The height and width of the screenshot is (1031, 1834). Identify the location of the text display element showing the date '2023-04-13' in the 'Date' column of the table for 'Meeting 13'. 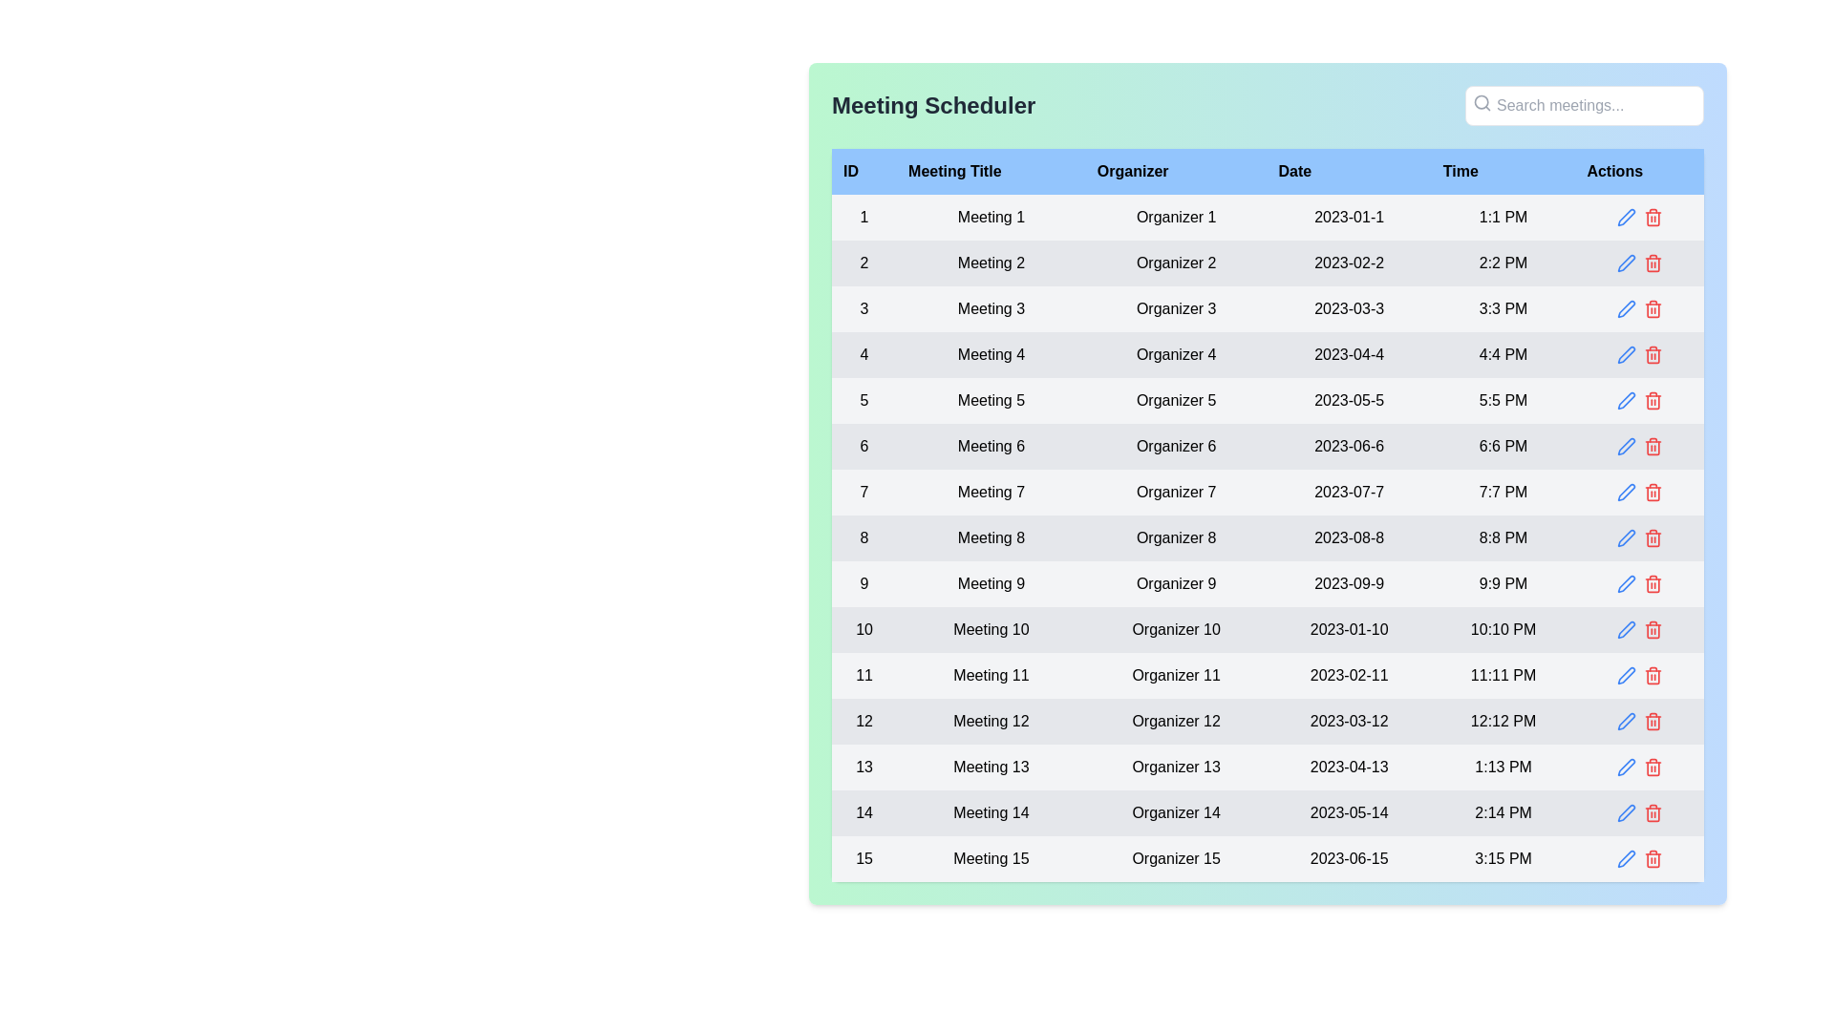
(1348, 766).